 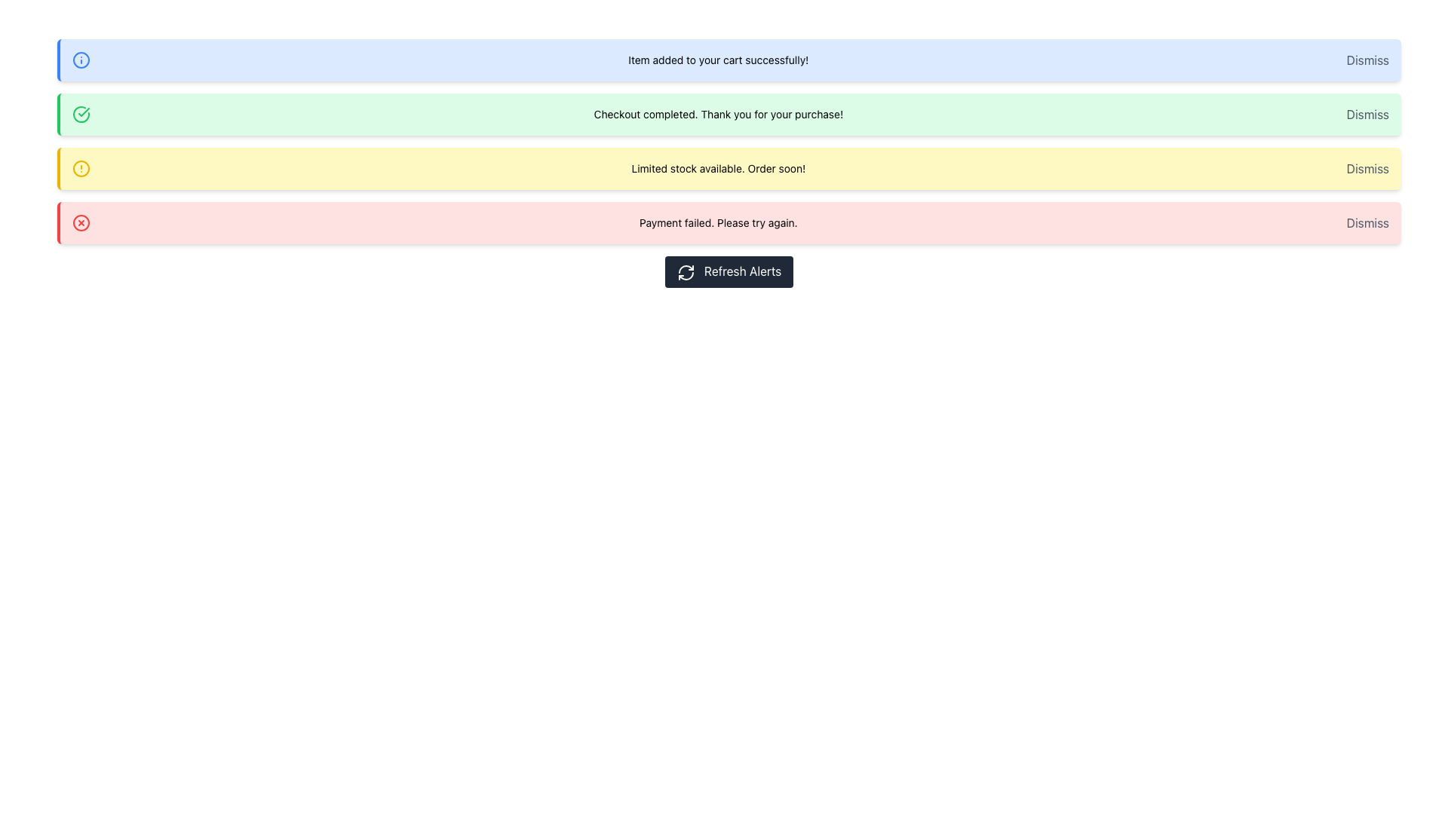 What do you see at coordinates (717, 60) in the screenshot?
I see `the notification text that informs the user about an item successfully added to the shopping cart, which is positioned within a light blue alert box with a bold blue left accent line` at bounding box center [717, 60].